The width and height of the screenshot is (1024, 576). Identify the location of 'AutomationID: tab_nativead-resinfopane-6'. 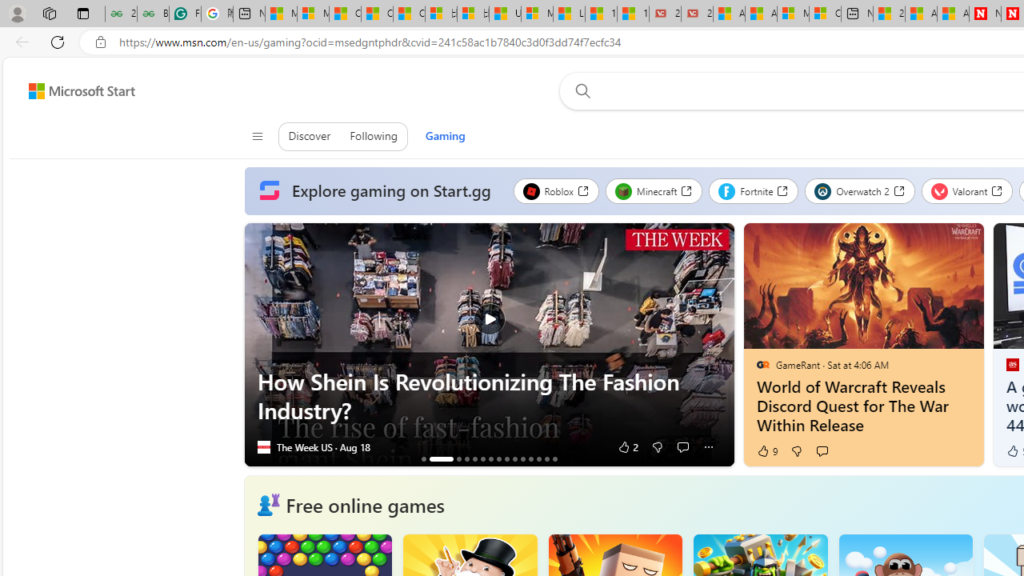
(482, 458).